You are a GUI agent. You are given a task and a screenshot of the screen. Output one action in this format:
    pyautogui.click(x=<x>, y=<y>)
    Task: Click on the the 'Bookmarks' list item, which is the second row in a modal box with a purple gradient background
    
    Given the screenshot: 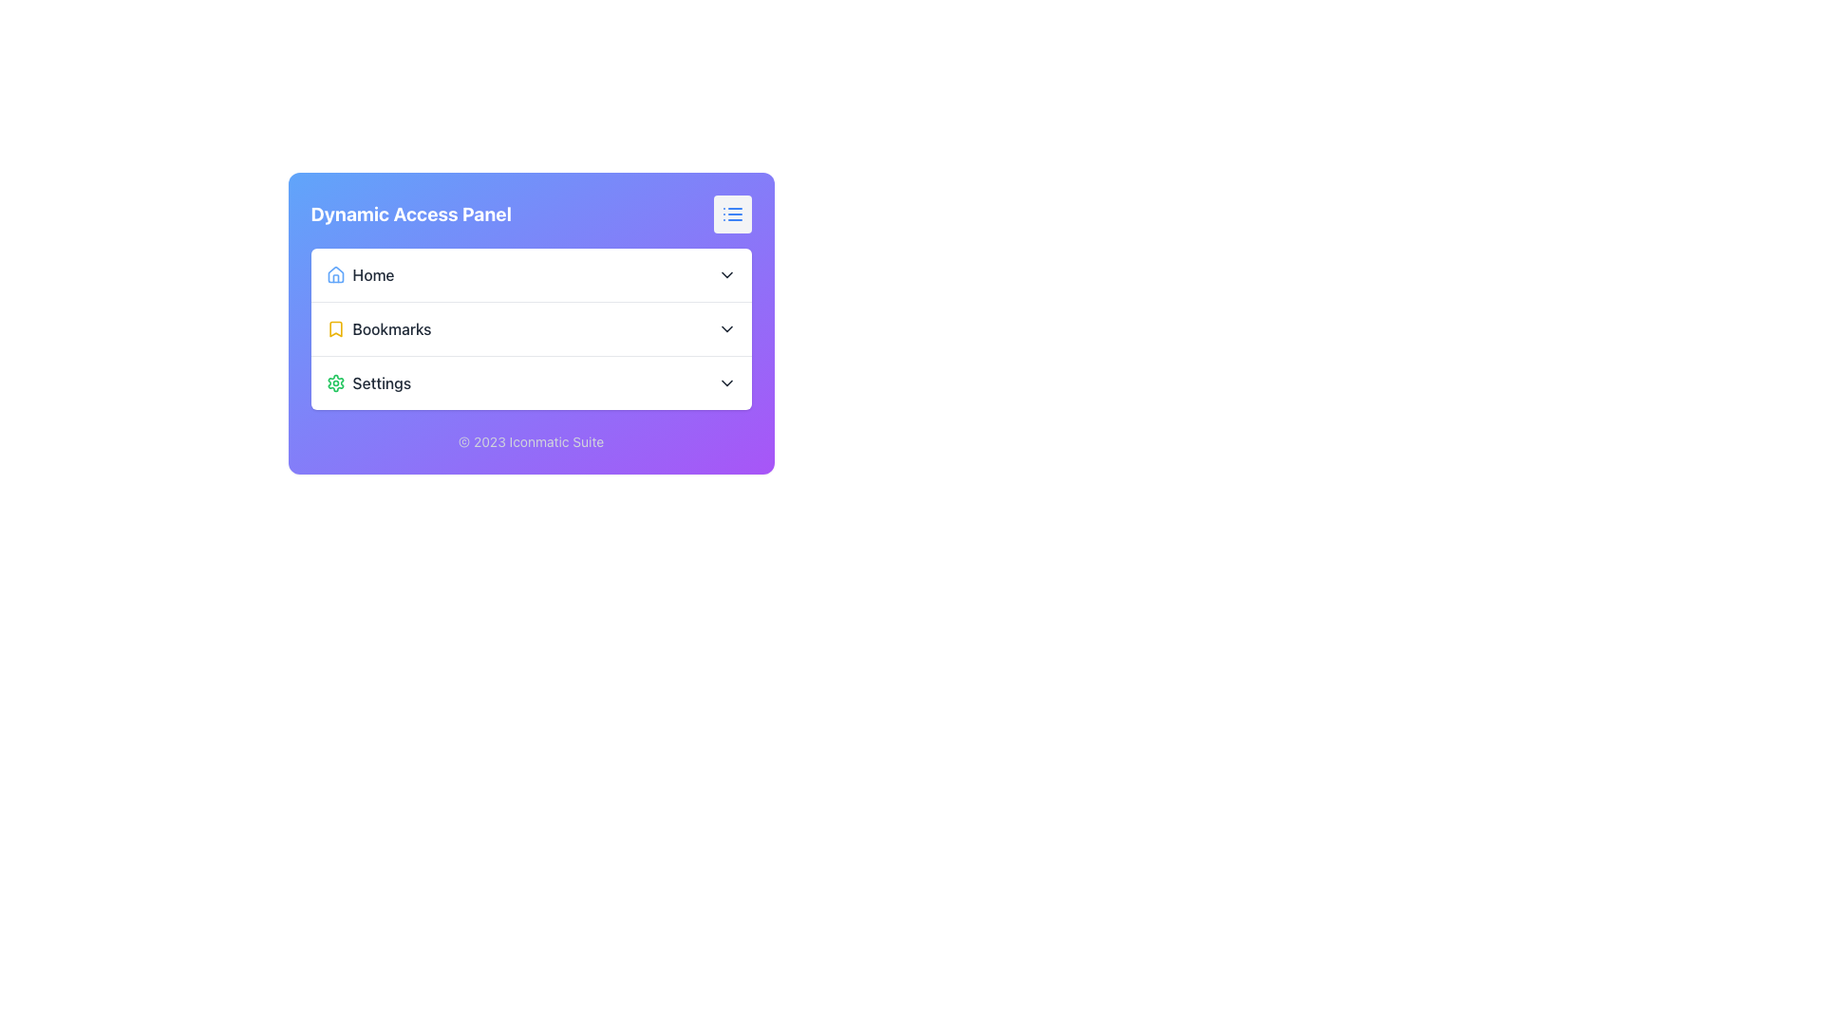 What is the action you would take?
    pyautogui.click(x=531, y=328)
    